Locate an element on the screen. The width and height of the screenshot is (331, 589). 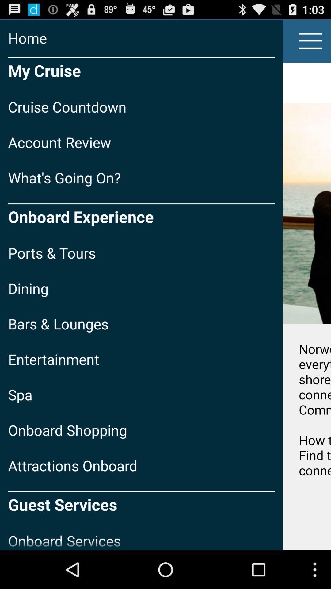
home icon is located at coordinates (141, 38).